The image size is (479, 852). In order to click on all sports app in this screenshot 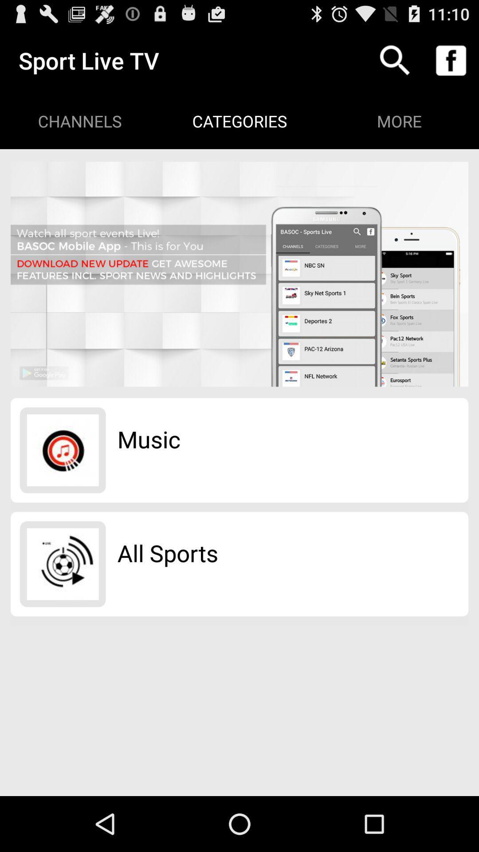, I will do `click(168, 552)`.